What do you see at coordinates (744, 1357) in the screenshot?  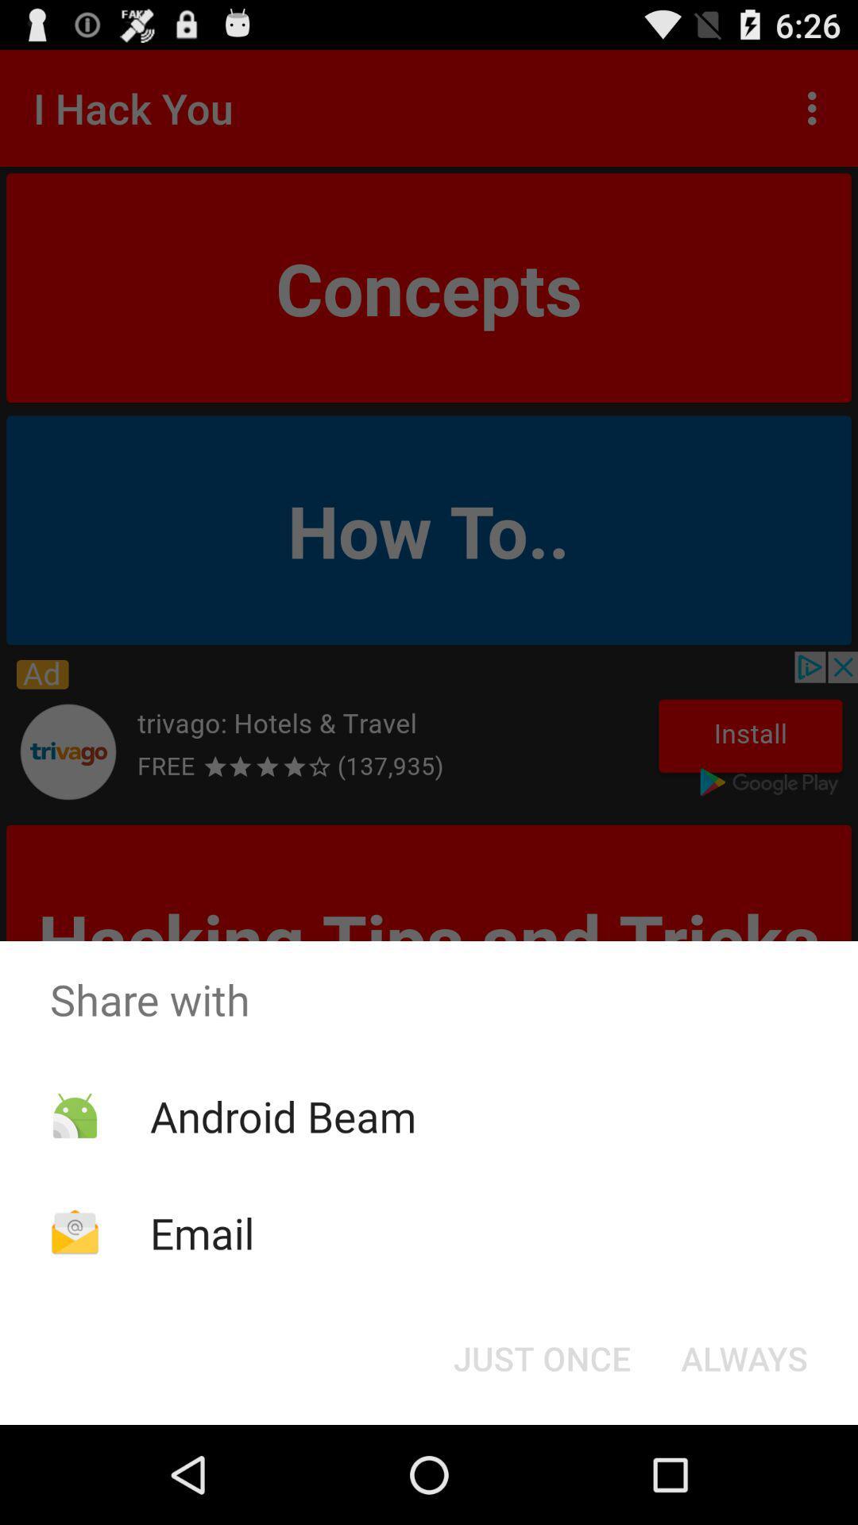 I see `the always item` at bounding box center [744, 1357].